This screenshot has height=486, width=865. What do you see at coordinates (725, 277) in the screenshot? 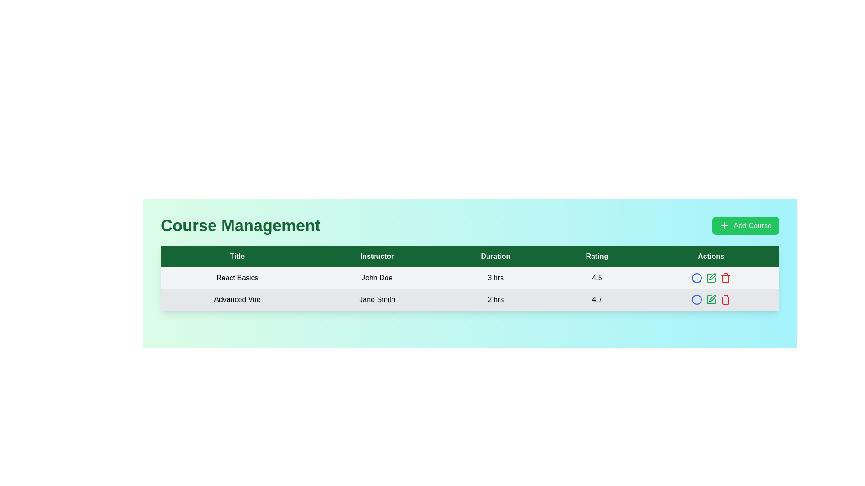
I see `the red-colored trash icon button located in the 'Actions' column of the first row in the table to change its visual state` at bounding box center [725, 277].